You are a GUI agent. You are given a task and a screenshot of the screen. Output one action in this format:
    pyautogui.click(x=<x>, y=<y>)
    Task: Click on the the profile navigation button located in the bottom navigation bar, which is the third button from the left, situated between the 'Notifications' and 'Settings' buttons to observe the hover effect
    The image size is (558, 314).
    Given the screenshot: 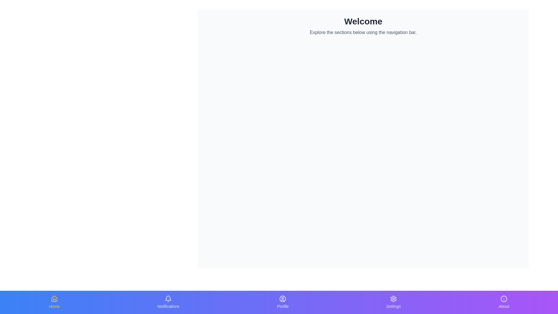 What is the action you would take?
    pyautogui.click(x=283, y=302)
    